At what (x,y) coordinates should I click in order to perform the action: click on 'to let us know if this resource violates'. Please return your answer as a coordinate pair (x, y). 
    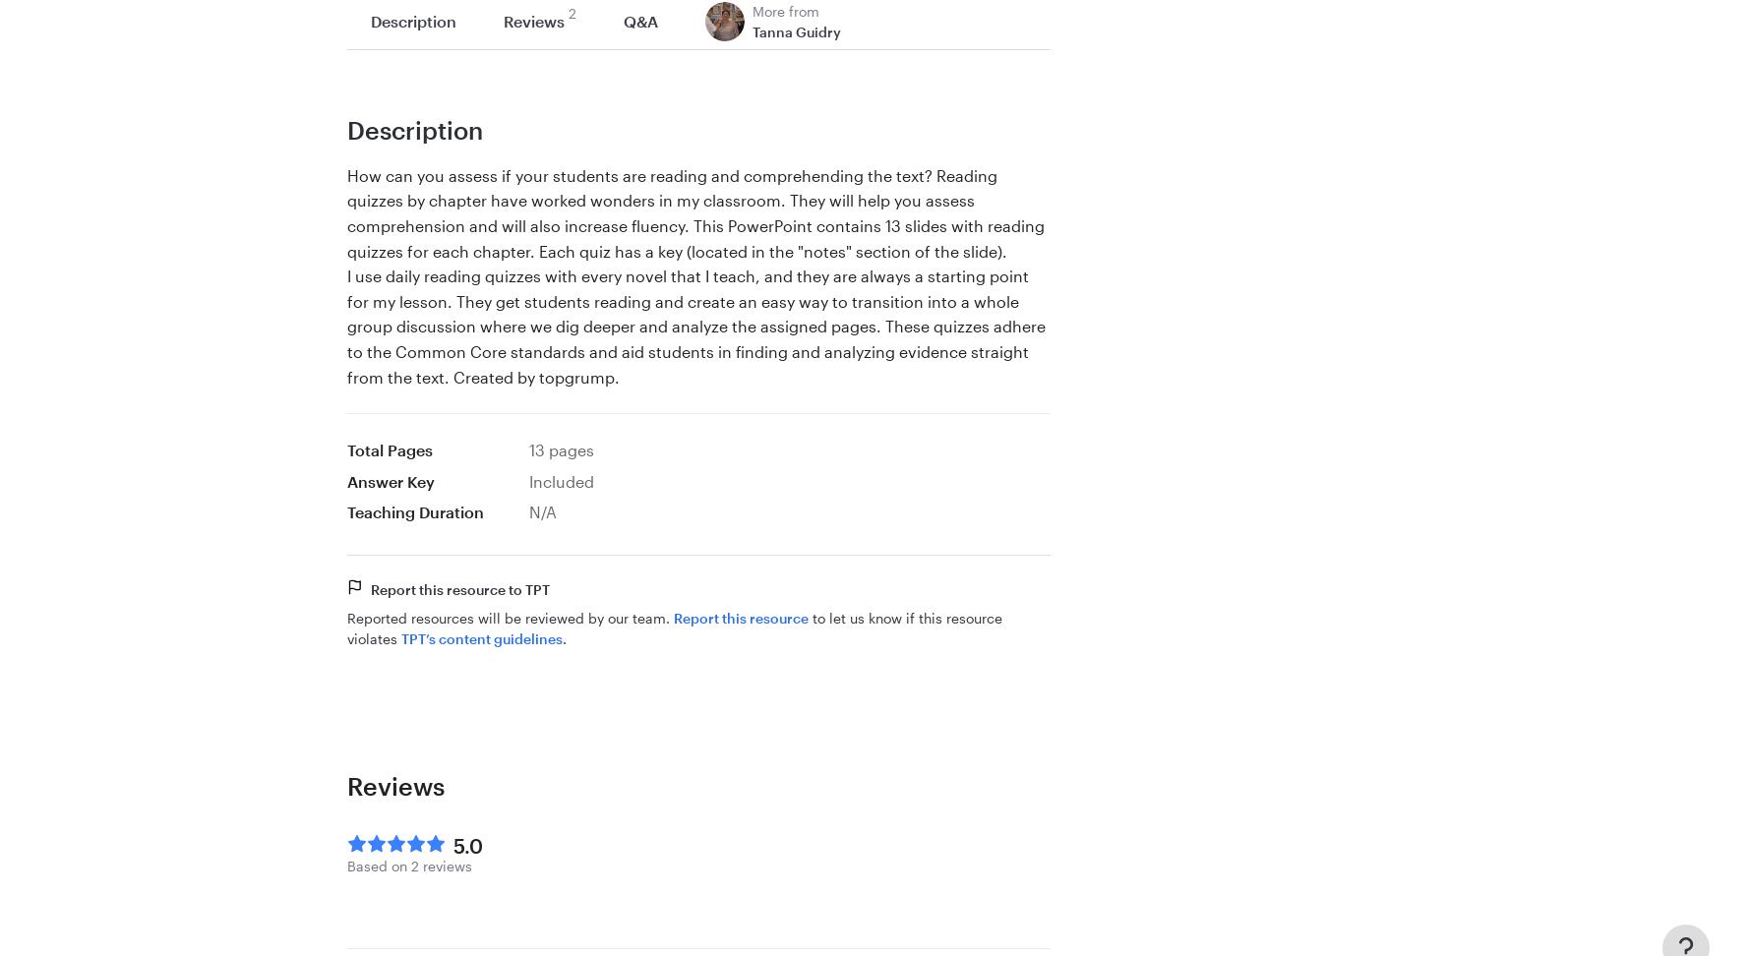
    Looking at the image, I should click on (674, 627).